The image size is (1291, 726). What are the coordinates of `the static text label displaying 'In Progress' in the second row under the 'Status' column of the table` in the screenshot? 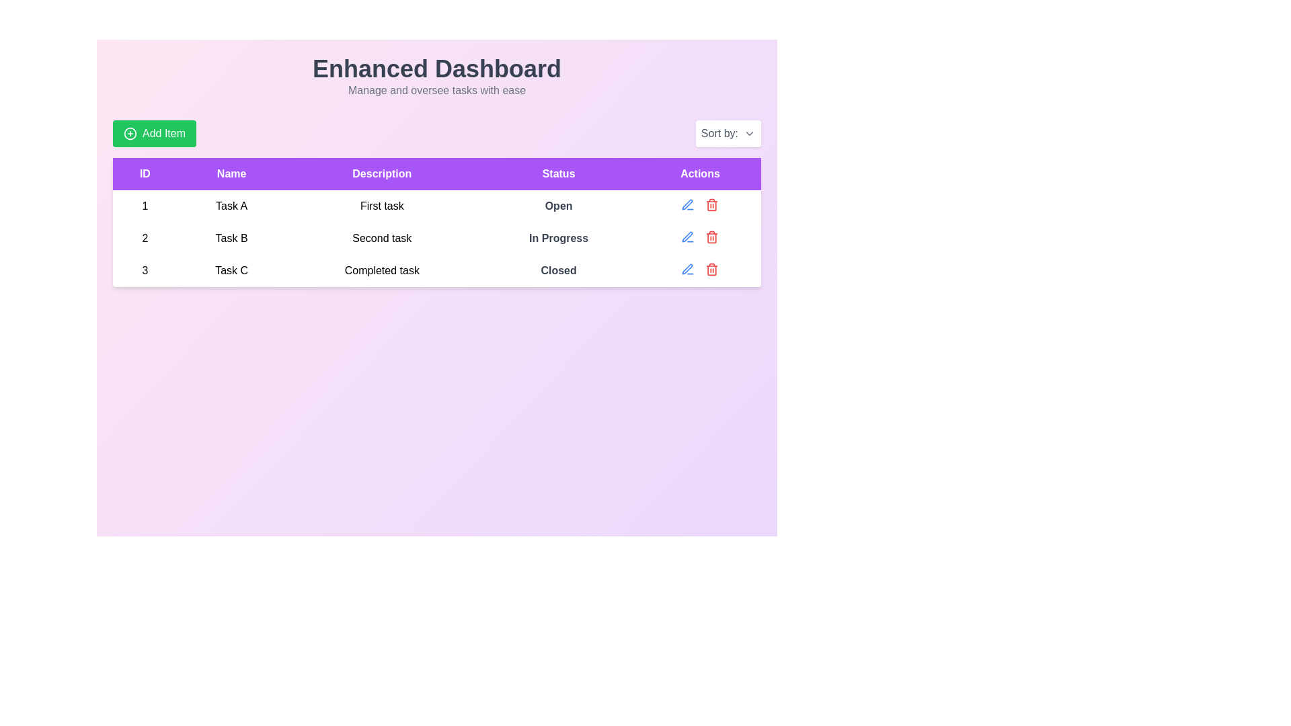 It's located at (559, 237).